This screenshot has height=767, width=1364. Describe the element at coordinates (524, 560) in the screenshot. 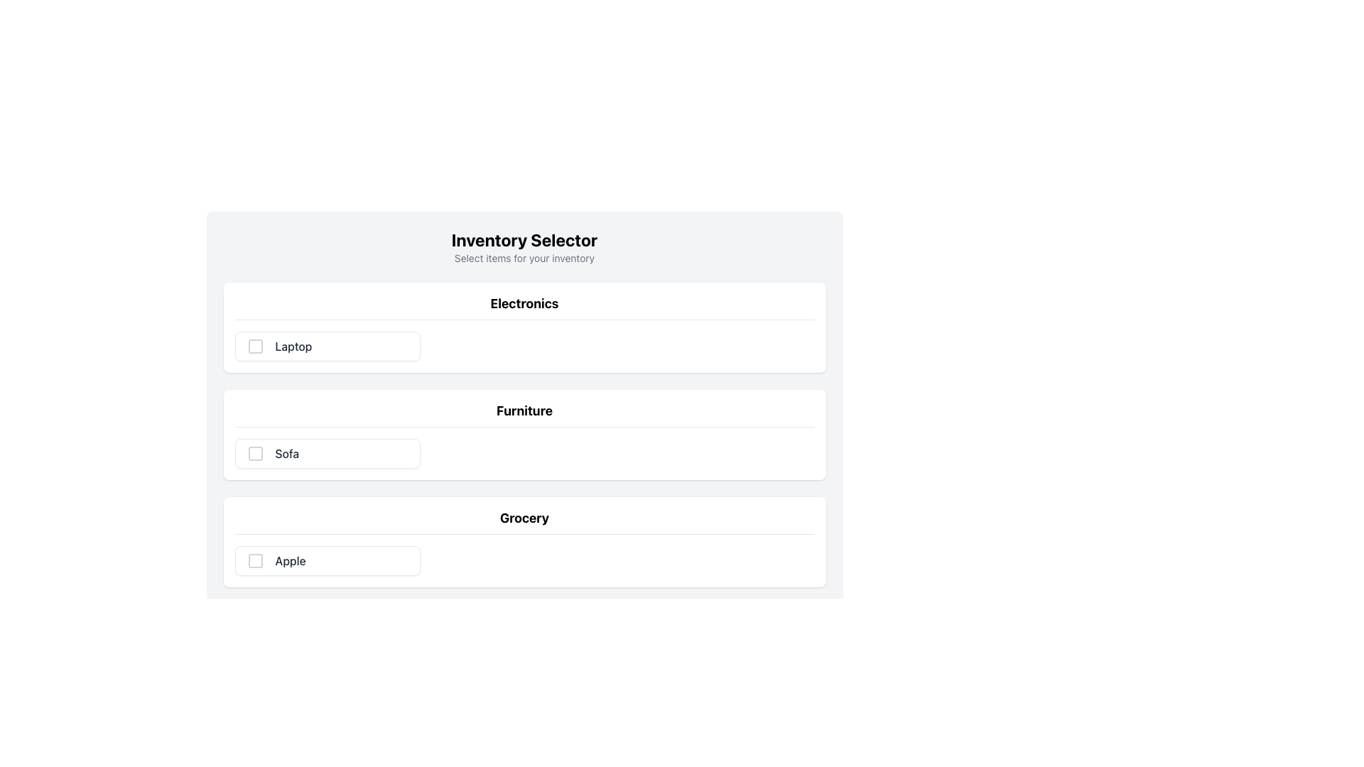

I see `the checkbox for the 'Apple' item in the 'Grocery' section` at that location.